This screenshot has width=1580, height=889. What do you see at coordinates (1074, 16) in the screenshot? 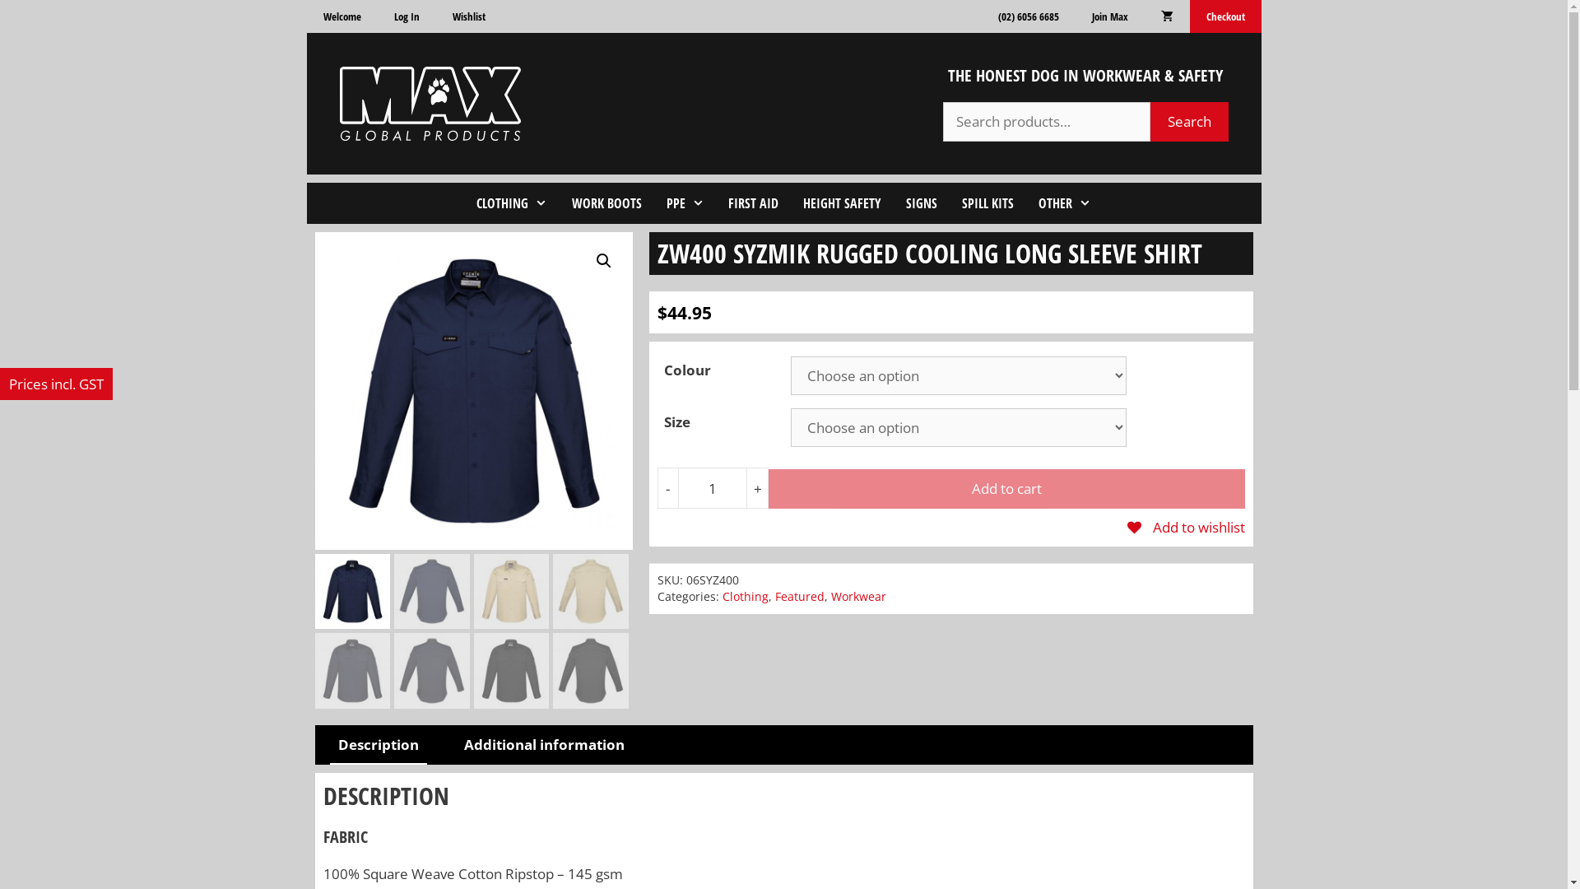
I see `'Join Max'` at bounding box center [1074, 16].